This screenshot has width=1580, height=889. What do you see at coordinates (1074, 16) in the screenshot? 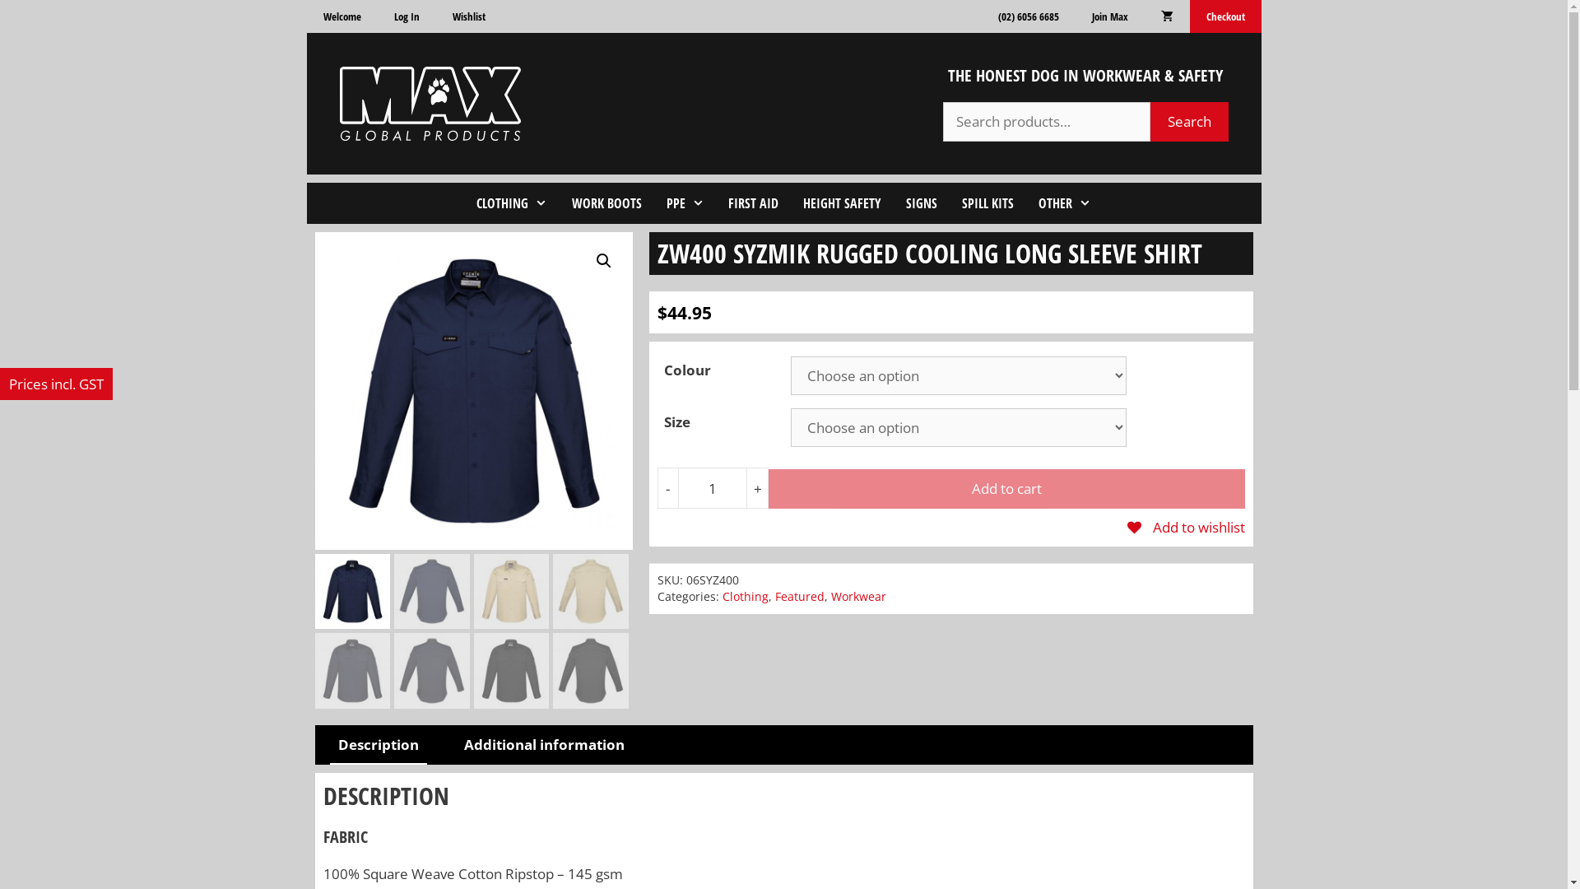
I see `'Join Max'` at bounding box center [1074, 16].